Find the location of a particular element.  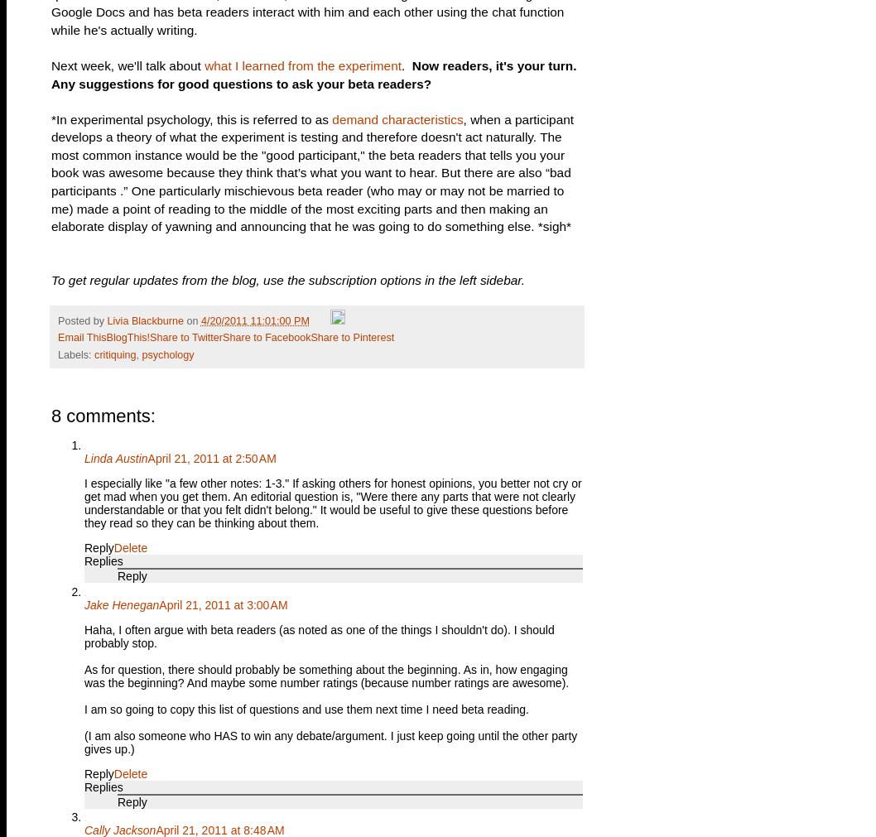

'Share to Pinterest' is located at coordinates (310, 337).